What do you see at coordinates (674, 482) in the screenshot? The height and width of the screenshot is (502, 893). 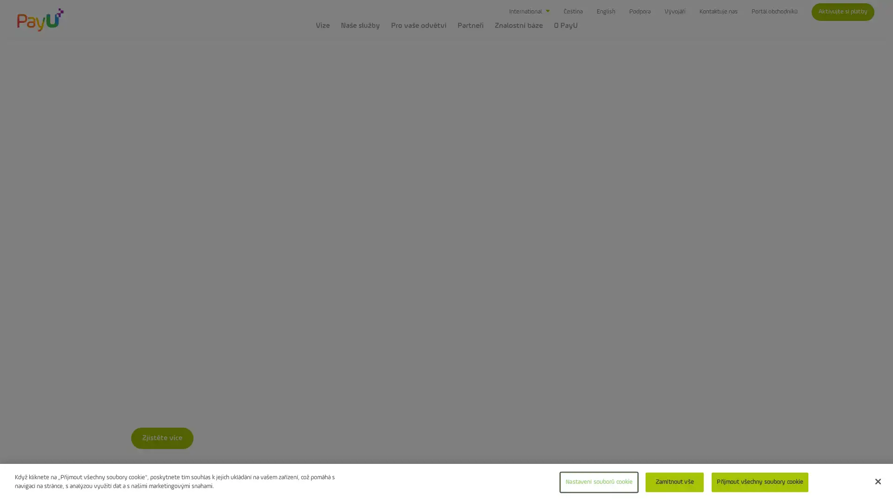 I see `Zamitnout vse` at bounding box center [674, 482].